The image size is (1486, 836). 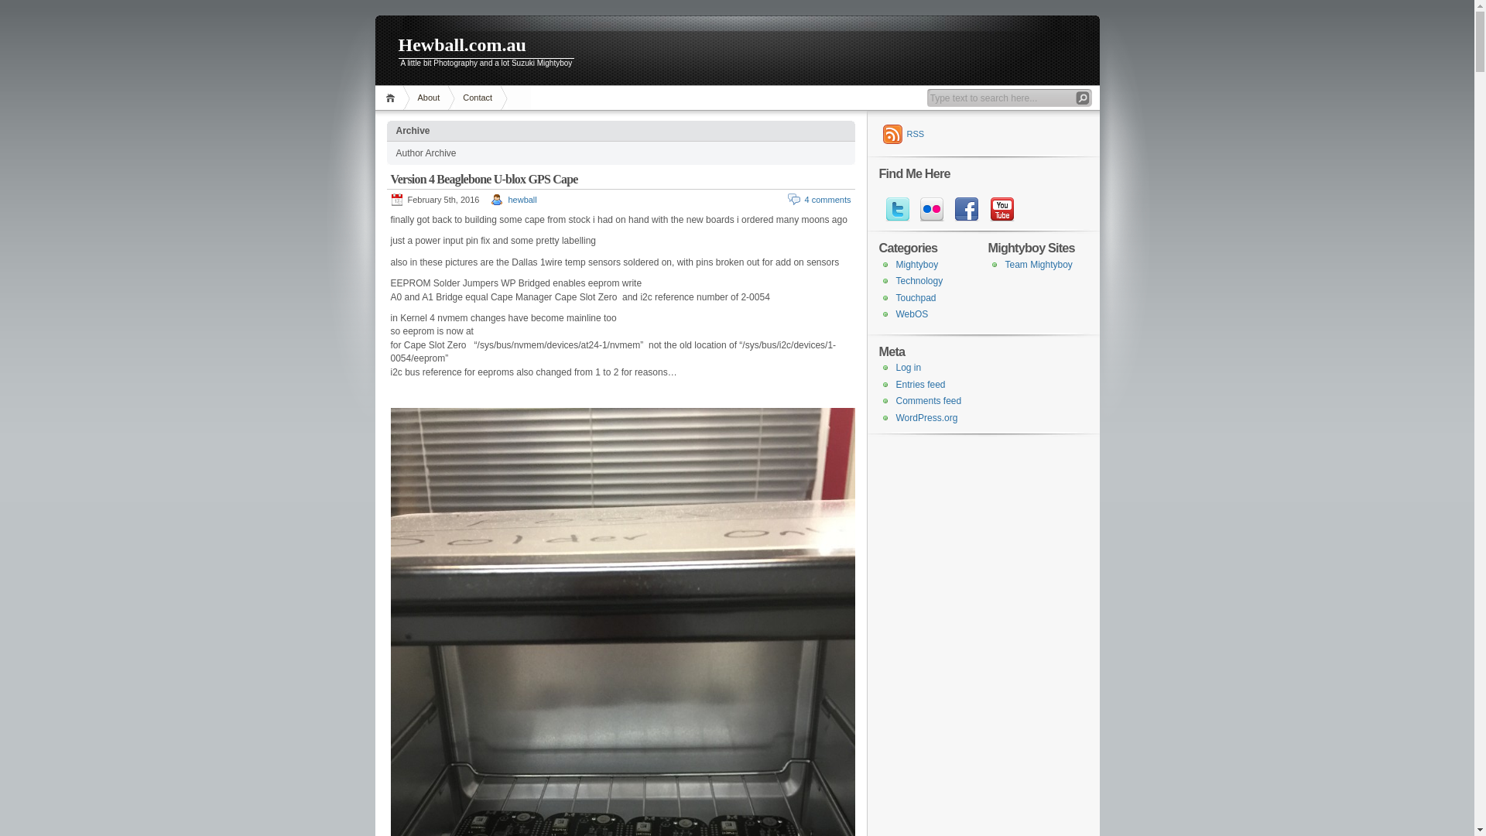 I want to click on 'Home', so click(x=392, y=98).